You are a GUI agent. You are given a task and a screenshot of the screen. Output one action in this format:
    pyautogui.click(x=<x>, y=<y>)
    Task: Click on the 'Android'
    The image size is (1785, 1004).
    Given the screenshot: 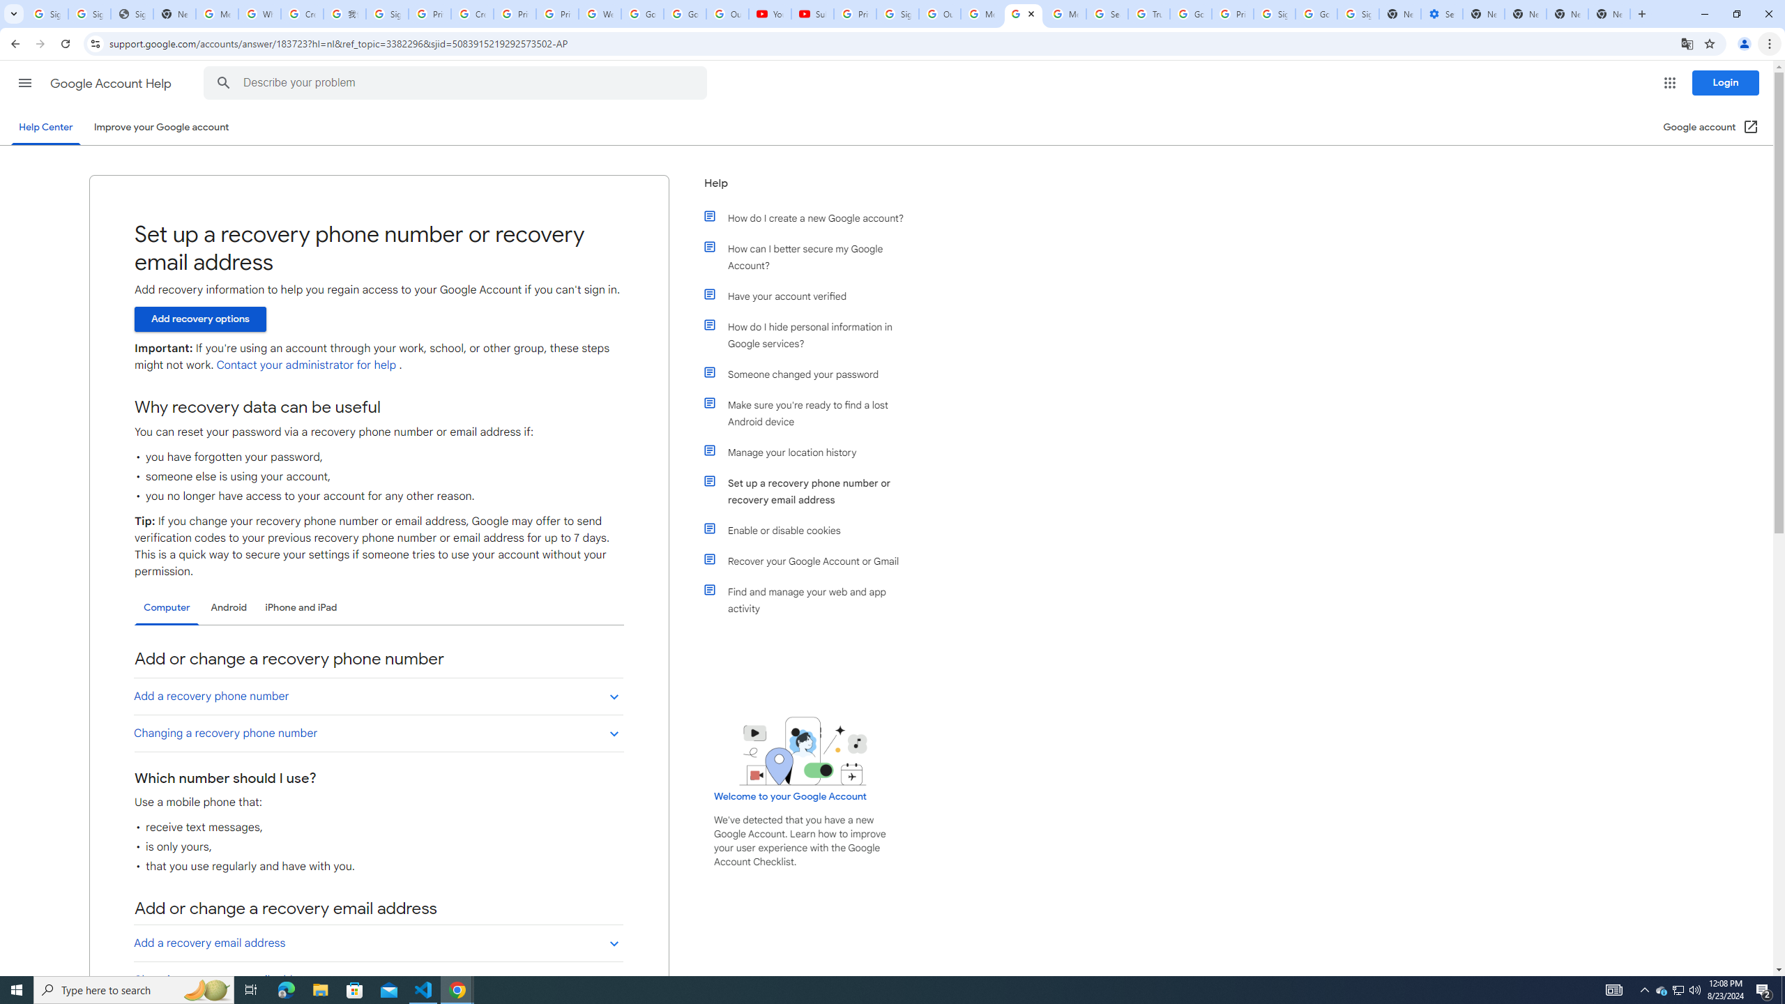 What is the action you would take?
    pyautogui.click(x=228, y=607)
    